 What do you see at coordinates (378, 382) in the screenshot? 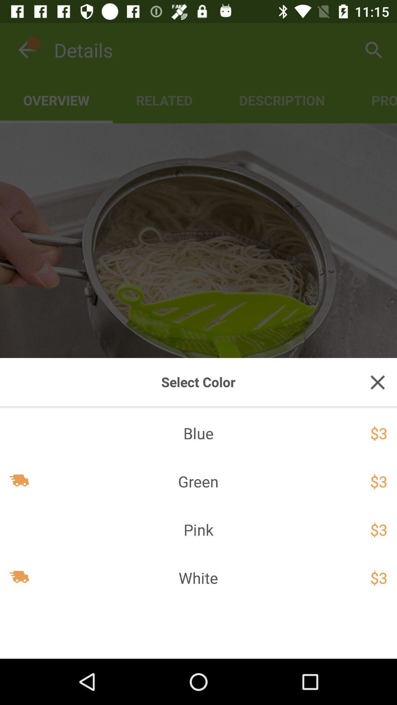
I see `exit` at bounding box center [378, 382].